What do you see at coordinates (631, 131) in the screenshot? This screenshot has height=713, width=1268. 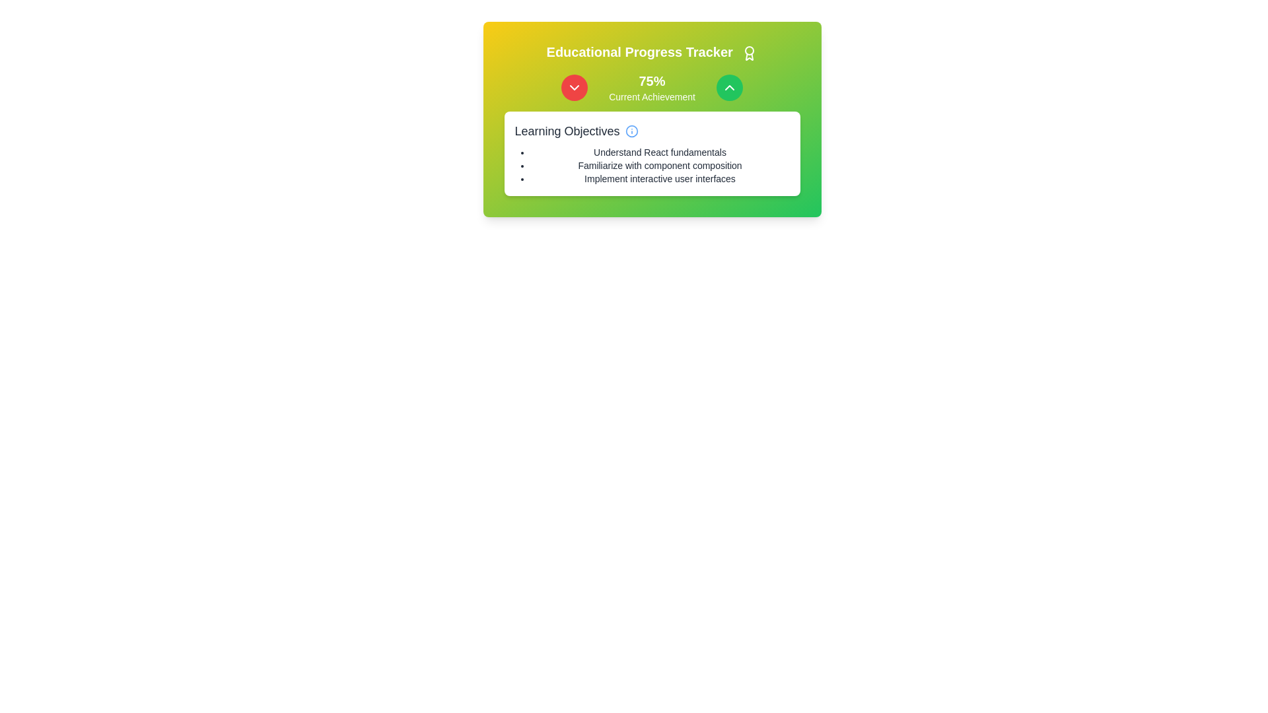 I see `the circular icon with a blue border and blue interior located next to the 'Learning Objectives' text` at bounding box center [631, 131].